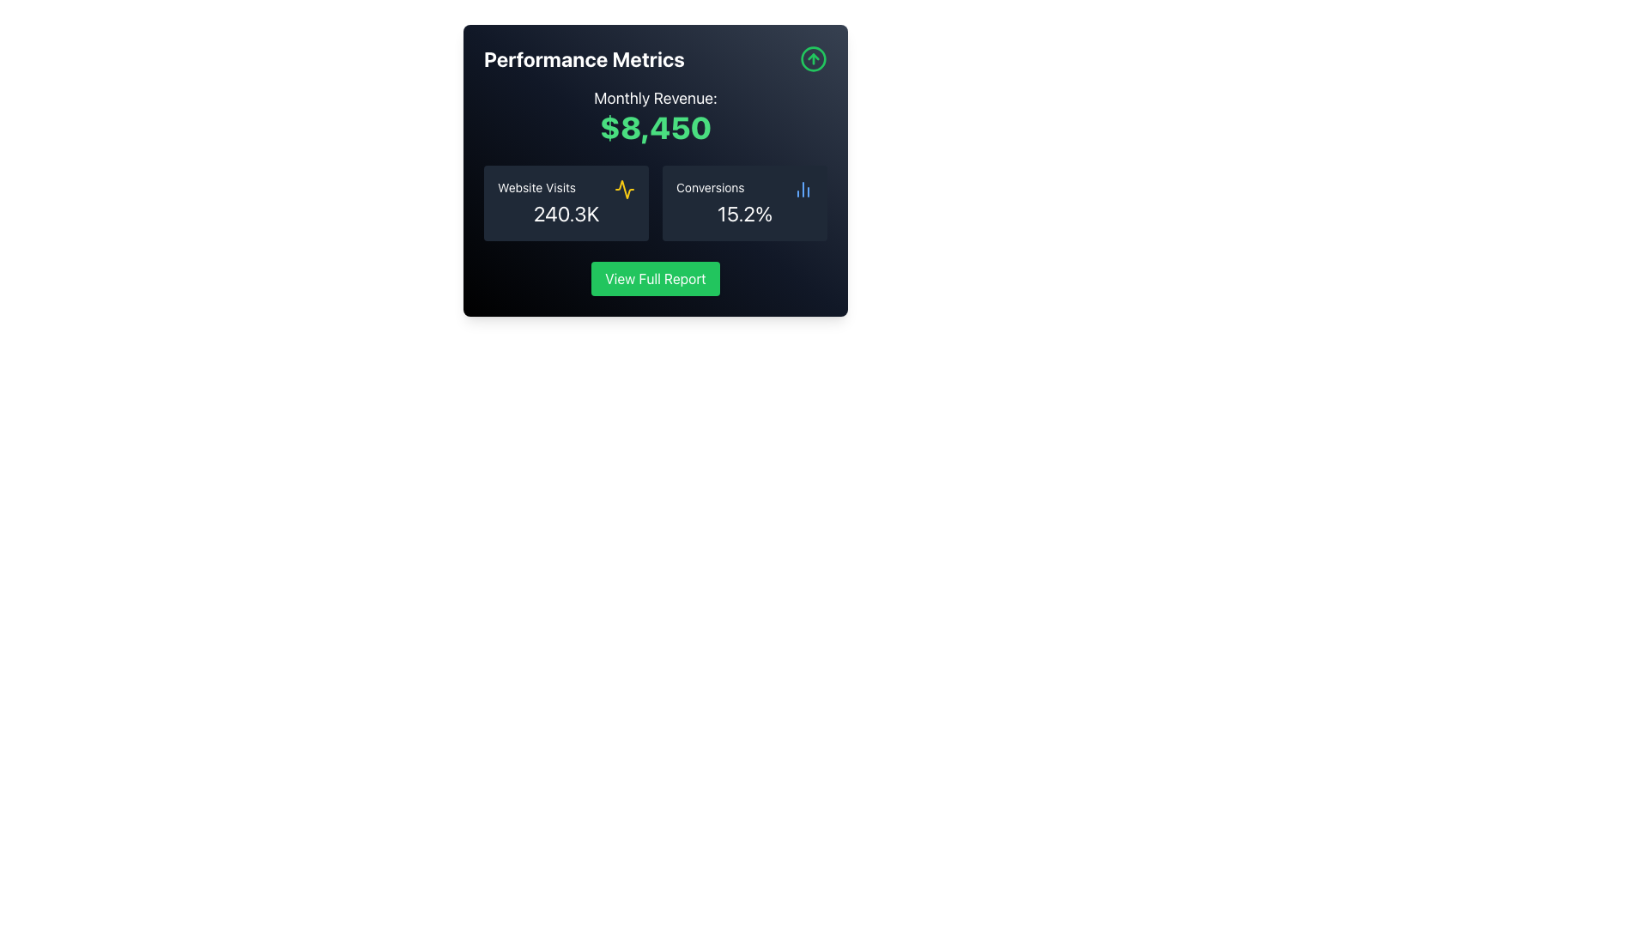 This screenshot has height=927, width=1648. What do you see at coordinates (813, 58) in the screenshot?
I see `the filled green circle graphic located in the top-right corner of the 'Performance Metrics' card` at bounding box center [813, 58].